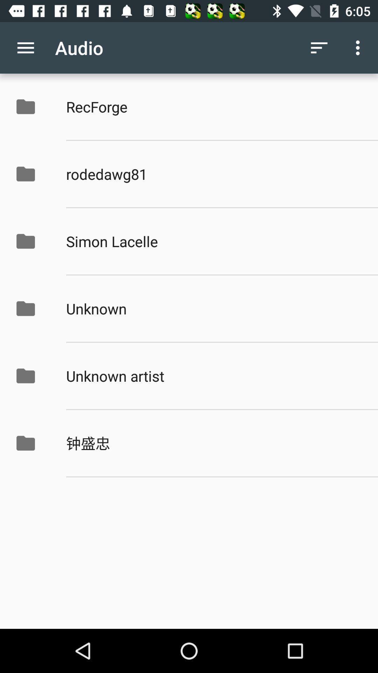 This screenshot has height=673, width=378. Describe the element at coordinates (25, 47) in the screenshot. I see `the icon to the left of audio item` at that location.